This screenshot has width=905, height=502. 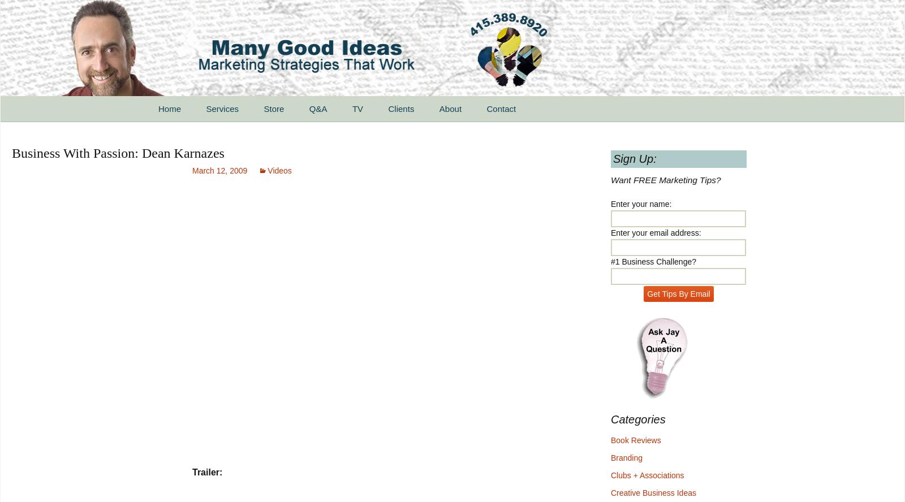 What do you see at coordinates (219, 170) in the screenshot?
I see `'March 12, 2009'` at bounding box center [219, 170].